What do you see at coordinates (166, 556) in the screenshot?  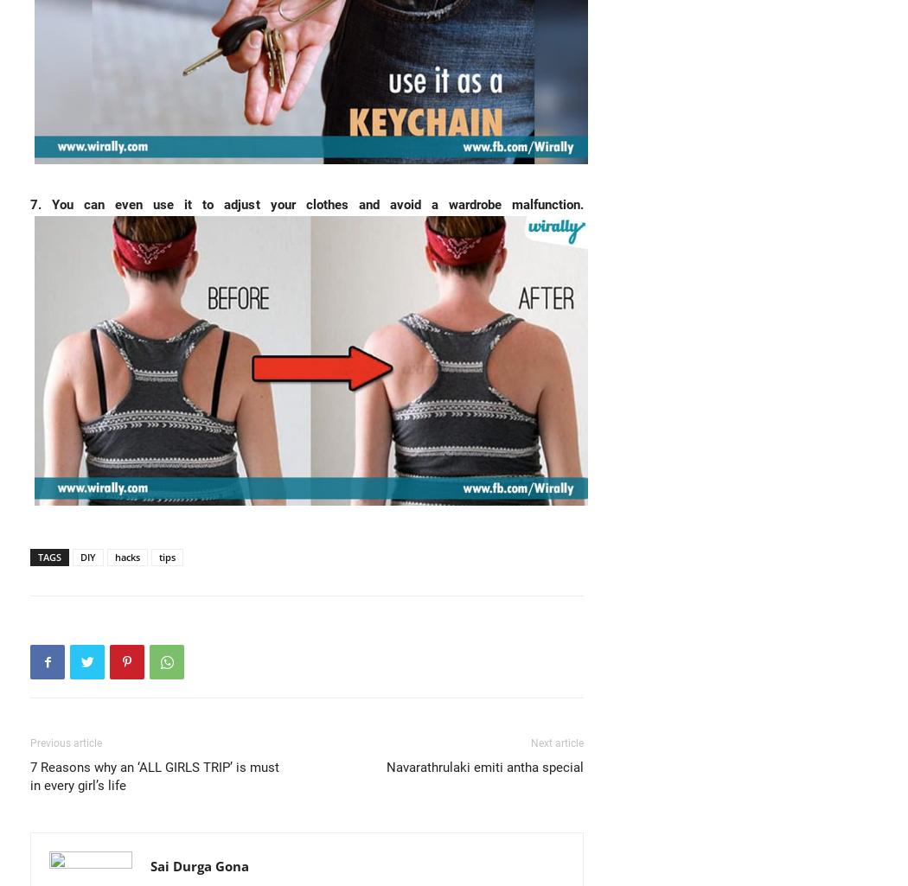 I see `'tips'` at bounding box center [166, 556].